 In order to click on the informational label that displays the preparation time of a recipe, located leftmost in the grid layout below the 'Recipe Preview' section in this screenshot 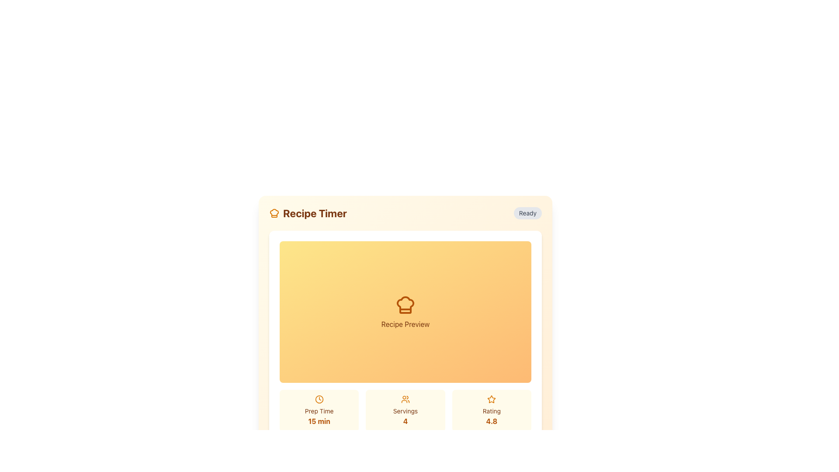, I will do `click(319, 411)`.